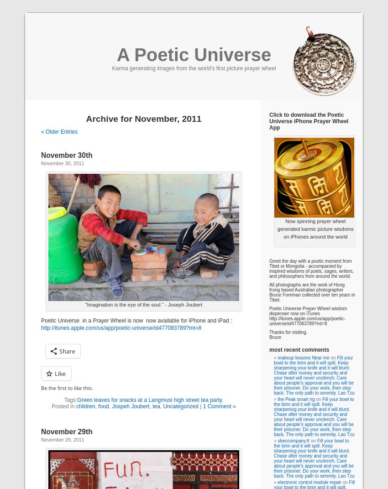 The height and width of the screenshot is (489, 388). Describe the element at coordinates (143, 119) in the screenshot. I see `'Archive for November, 2011'` at that location.